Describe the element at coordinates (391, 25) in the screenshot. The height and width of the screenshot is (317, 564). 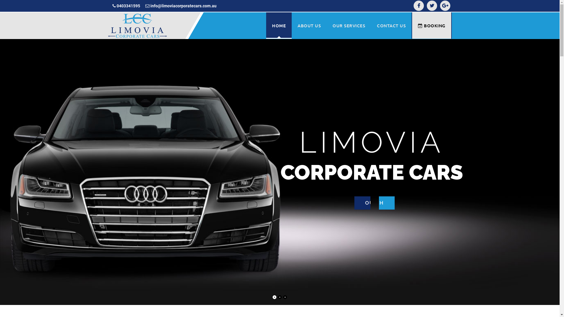
I see `'CONTACT US'` at that location.